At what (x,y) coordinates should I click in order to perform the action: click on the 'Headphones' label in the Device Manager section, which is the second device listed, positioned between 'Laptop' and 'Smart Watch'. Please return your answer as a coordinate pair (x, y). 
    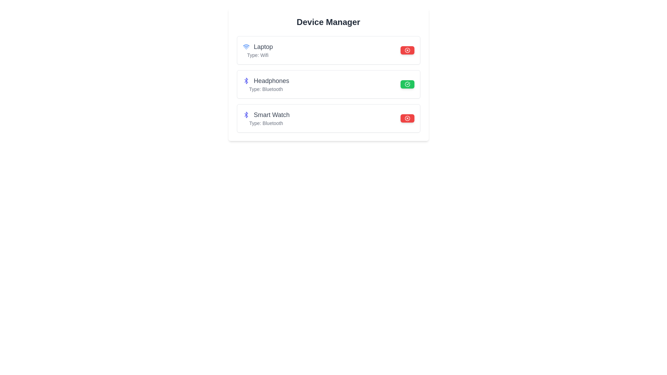
    Looking at the image, I should click on (265, 80).